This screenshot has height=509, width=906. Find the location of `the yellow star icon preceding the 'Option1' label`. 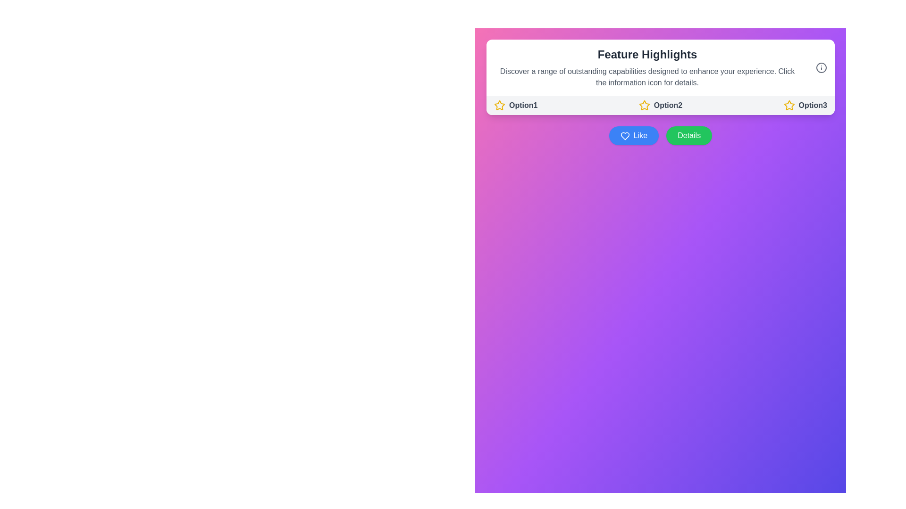

the yellow star icon preceding the 'Option1' label is located at coordinates (515, 105).